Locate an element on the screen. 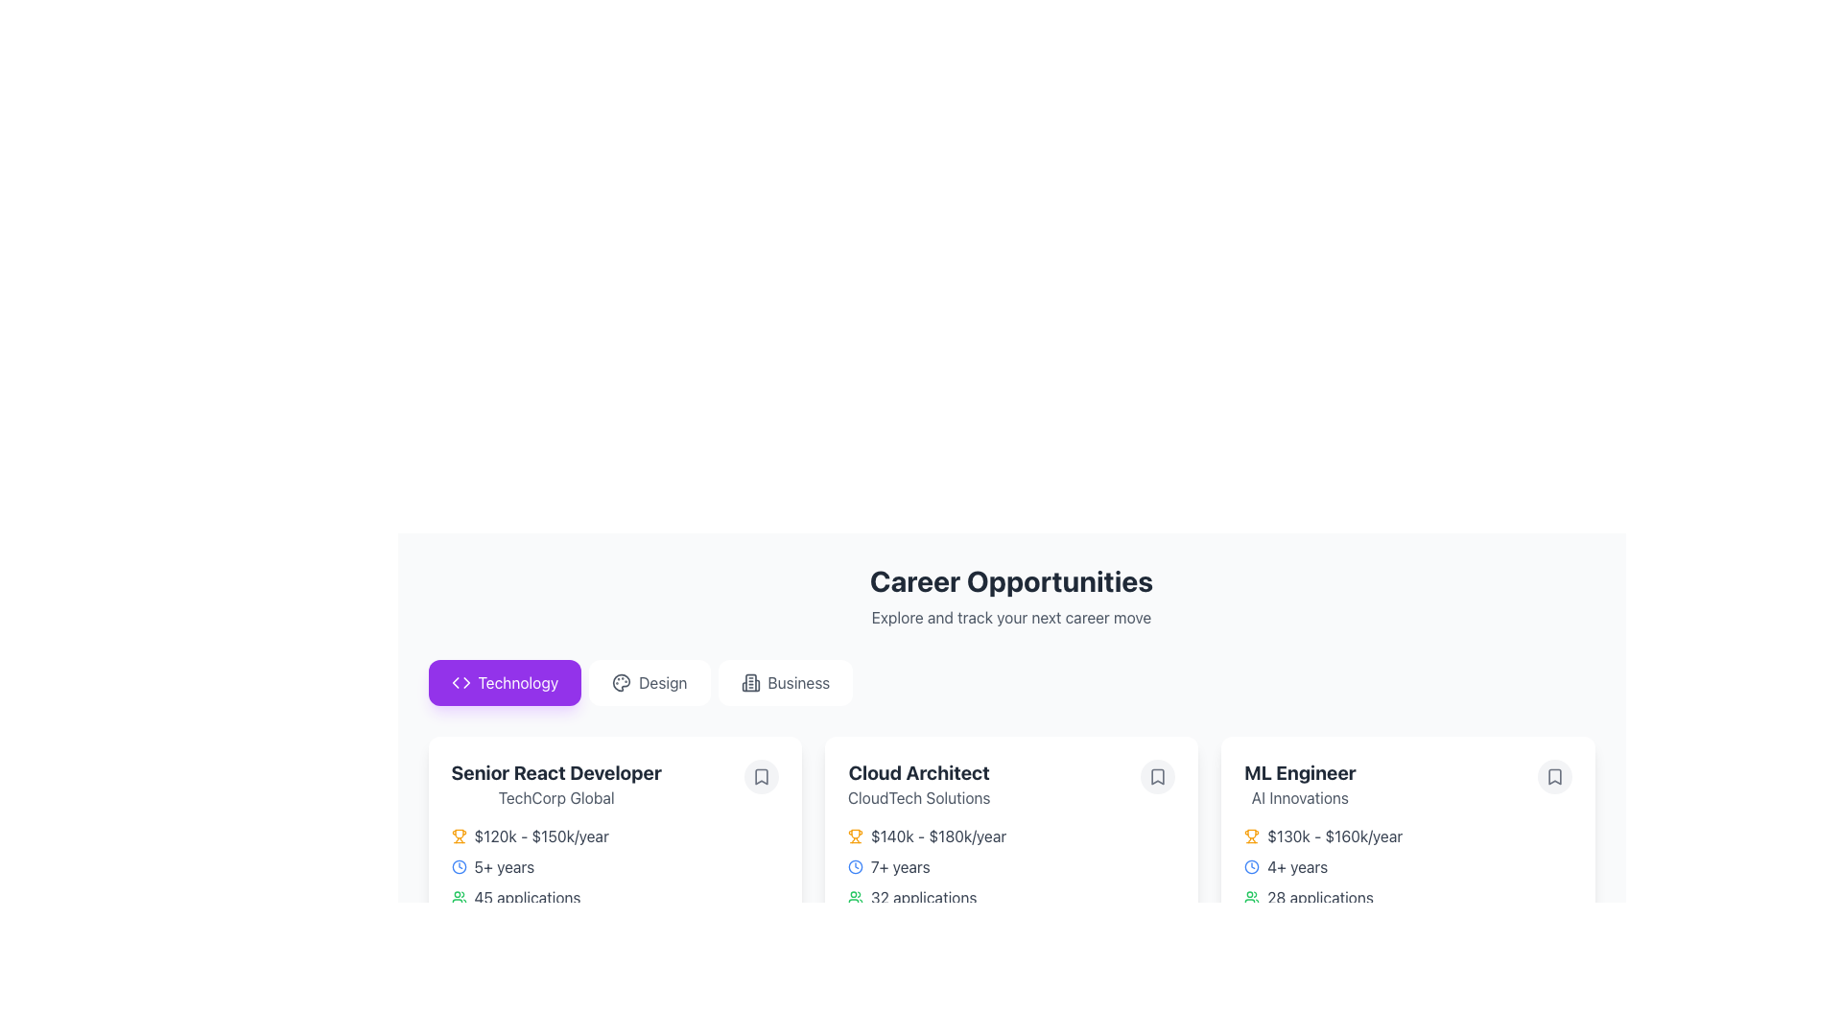 The height and width of the screenshot is (1036, 1842). the text block displaying the company name associated with the 'Cloud Architect' job position, located directly underneath the title 'Cloud Architect' within the card labeled 'Cloud Architect' is located at coordinates (918, 798).